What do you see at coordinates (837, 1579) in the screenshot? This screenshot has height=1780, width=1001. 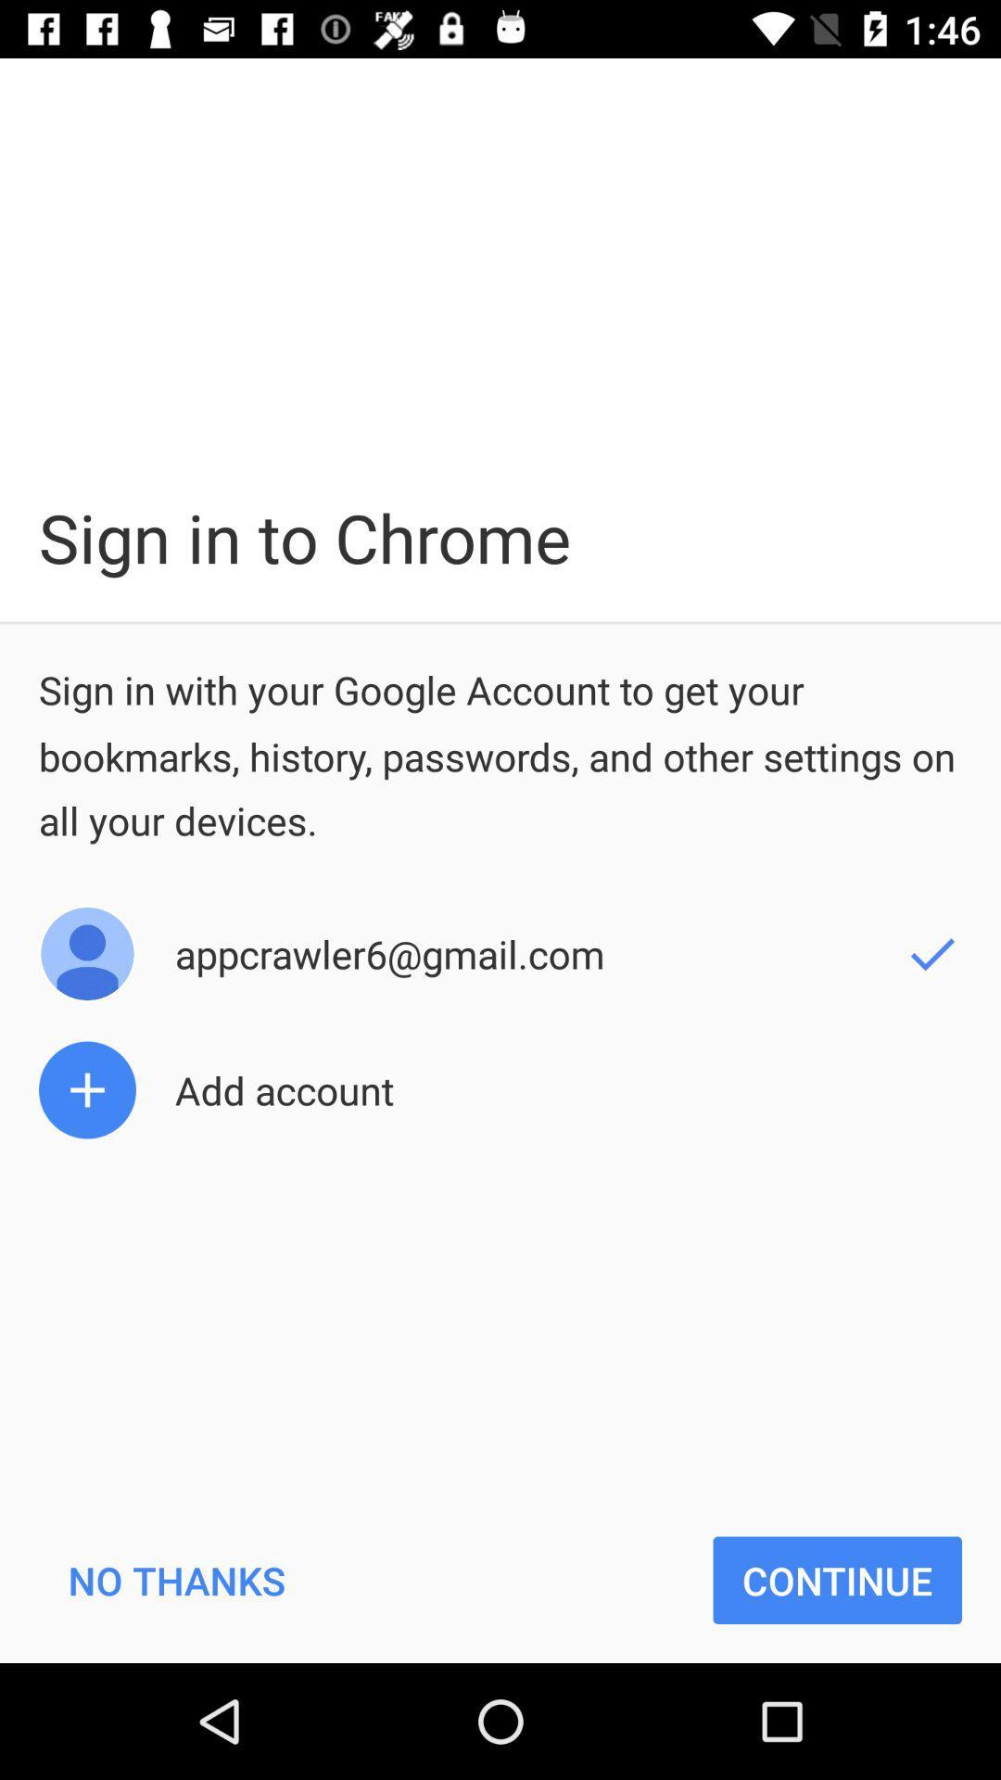 I see `the item next to no thanks item` at bounding box center [837, 1579].